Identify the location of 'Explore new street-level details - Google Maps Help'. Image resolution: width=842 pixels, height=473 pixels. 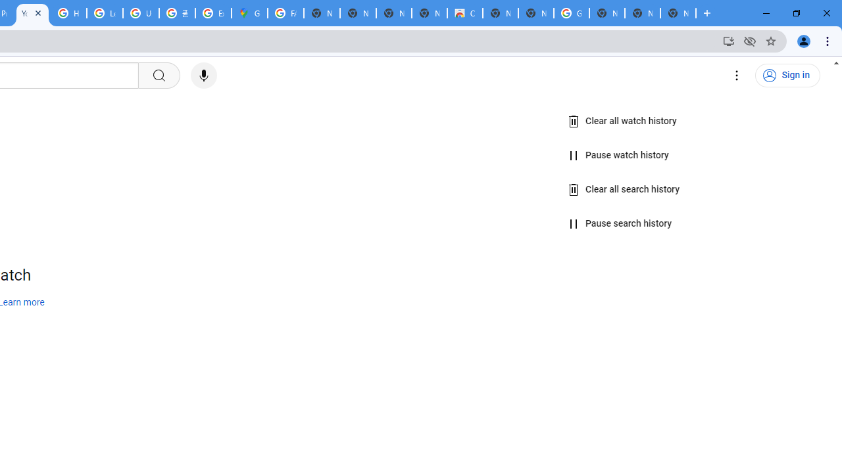
(213, 13).